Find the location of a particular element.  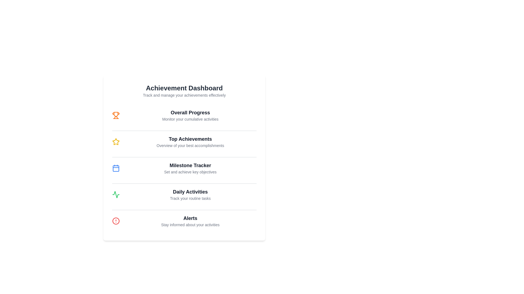

the milestone tracking icon located to the left of the 'Milestone Tracker' text, which is the first element in that grouping is located at coordinates (116, 168).